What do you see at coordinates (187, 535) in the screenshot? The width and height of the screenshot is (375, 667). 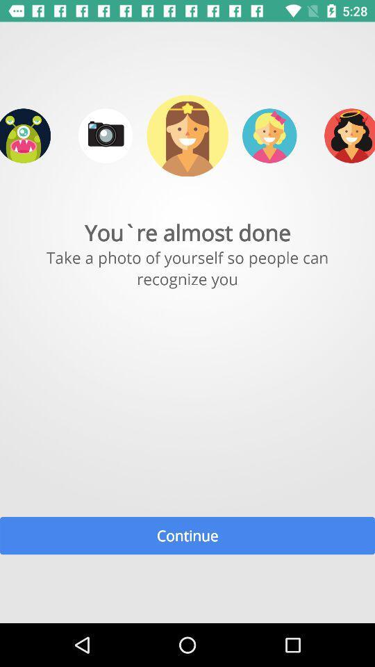 I see `the continue item` at bounding box center [187, 535].